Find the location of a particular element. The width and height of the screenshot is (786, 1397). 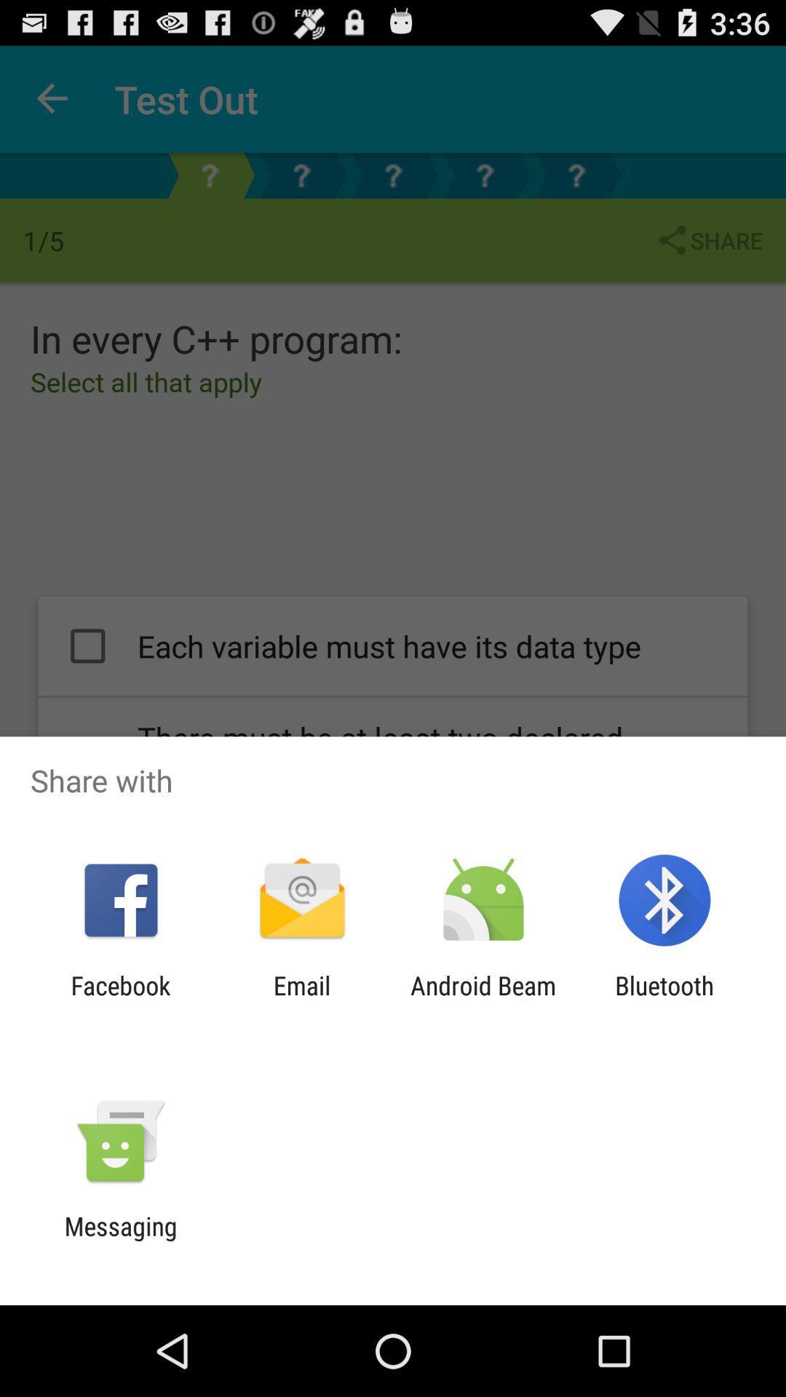

android beam icon is located at coordinates (483, 1000).